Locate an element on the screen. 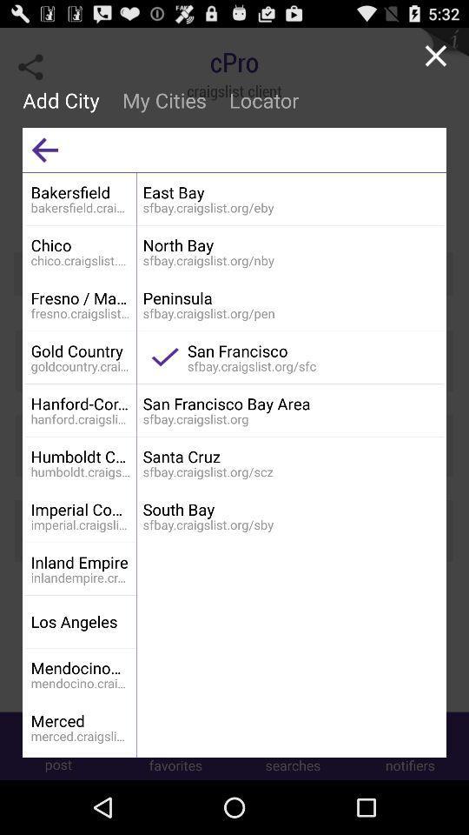  app next to the san francisco item is located at coordinates (165, 357).